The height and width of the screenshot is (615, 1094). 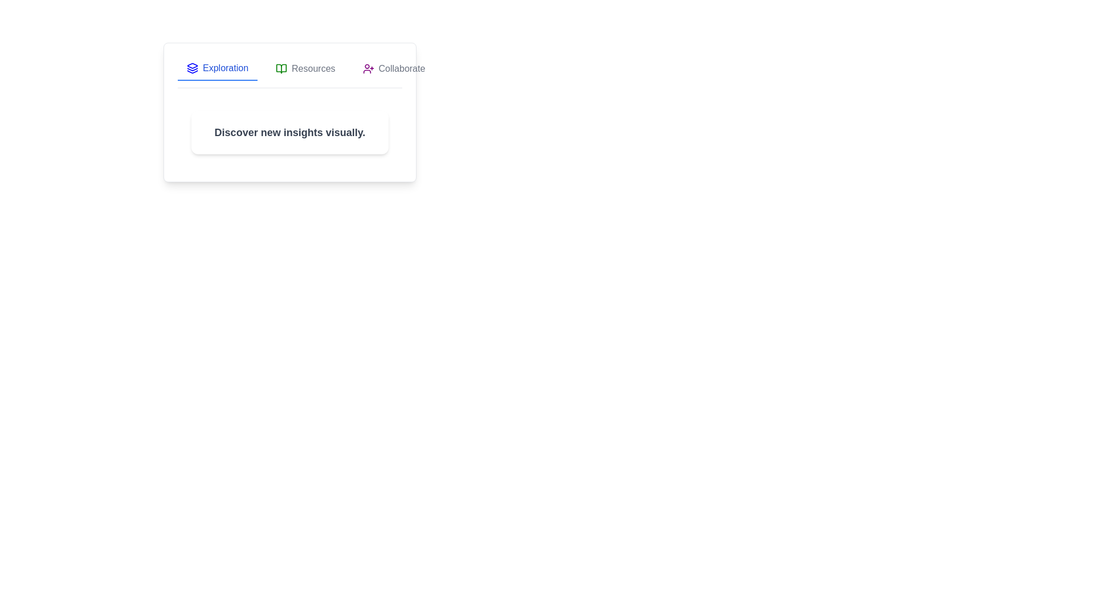 What do you see at coordinates (218, 68) in the screenshot?
I see `the Exploration tab` at bounding box center [218, 68].